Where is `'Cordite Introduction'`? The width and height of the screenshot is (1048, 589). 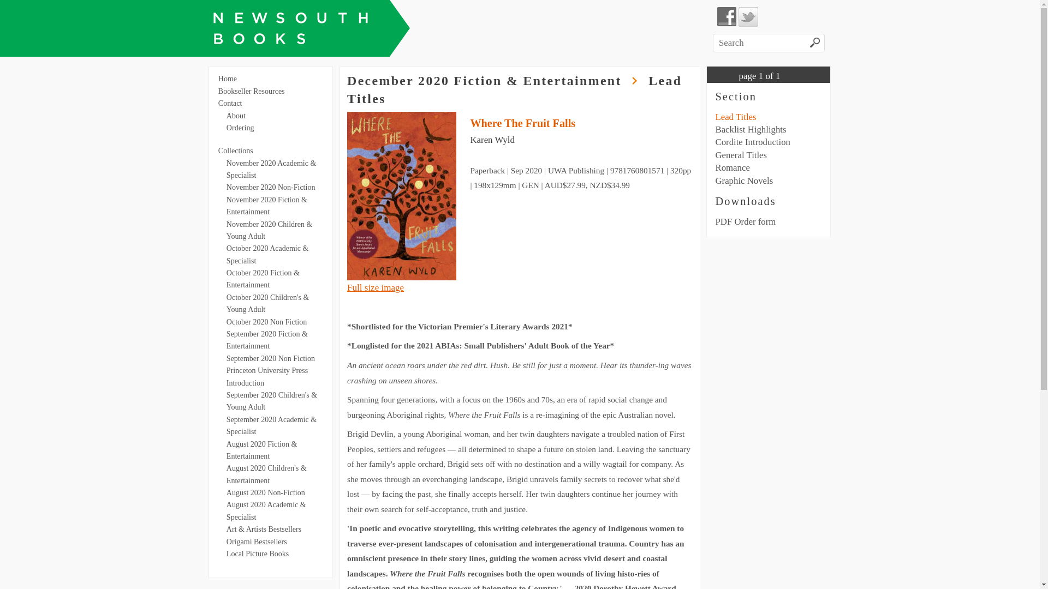
'Cordite Introduction' is located at coordinates (752, 141).